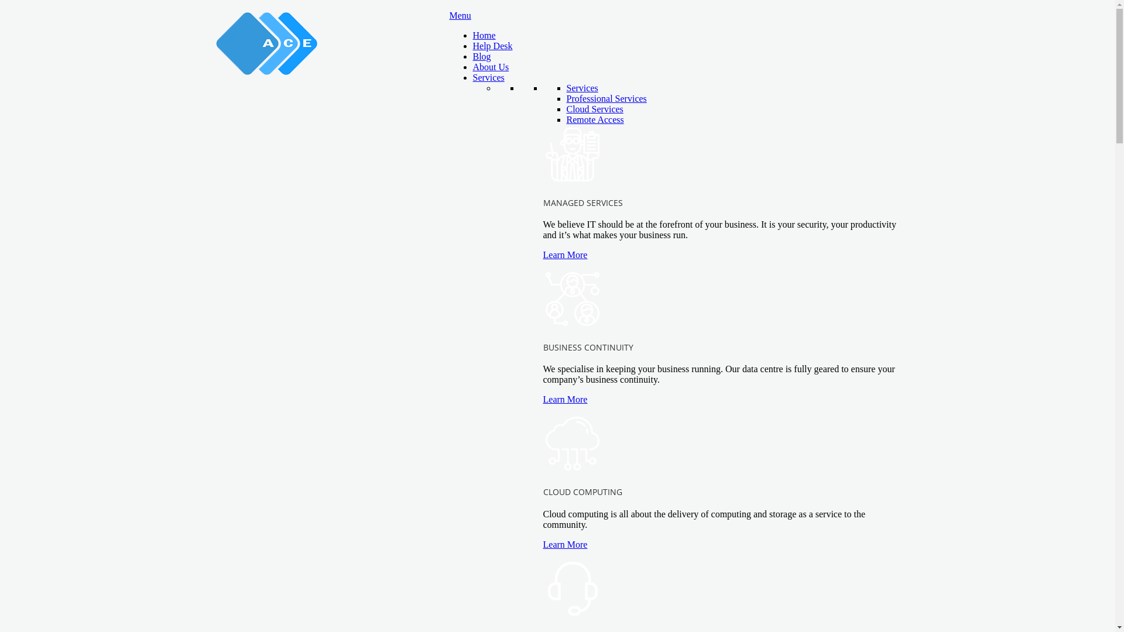  What do you see at coordinates (567, 119) in the screenshot?
I see `'Remote Access'` at bounding box center [567, 119].